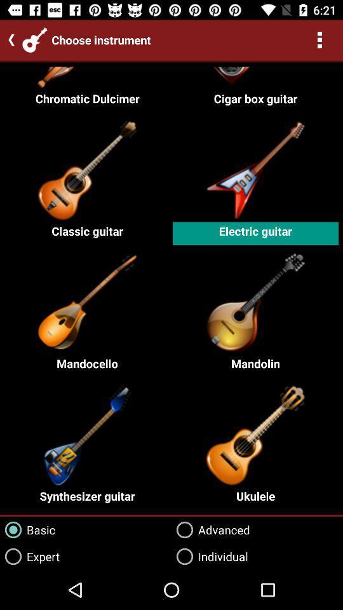 Image resolution: width=343 pixels, height=610 pixels. I want to click on the image above mandocello, so click(87, 301).